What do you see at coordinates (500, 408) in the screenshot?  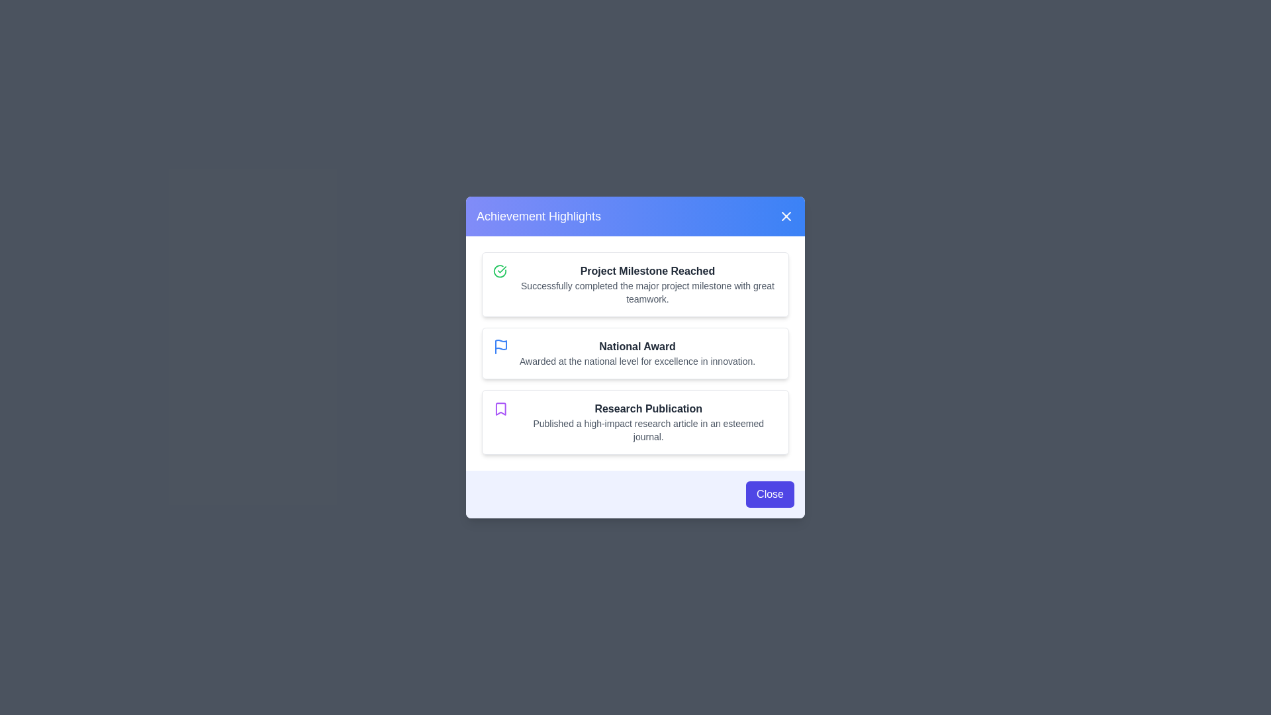 I see `the purple bookmark icon located at the top-left corner of the 'Research Publication' section` at bounding box center [500, 408].